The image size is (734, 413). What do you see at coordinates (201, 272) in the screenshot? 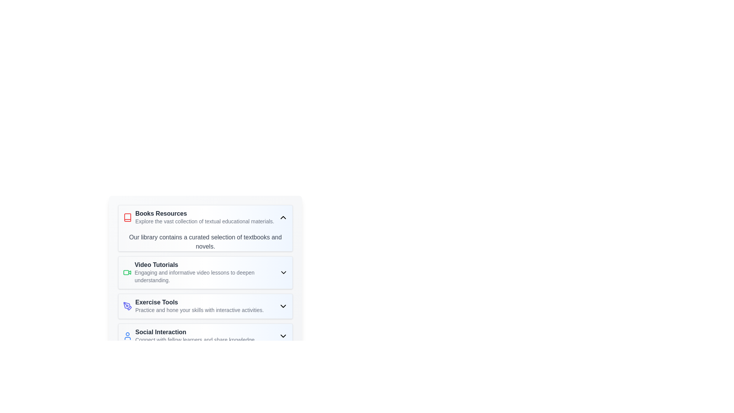
I see `contents of the section header titled 'Video Tutorials' which includes a brief description about engaging and informative video lessons` at bounding box center [201, 272].